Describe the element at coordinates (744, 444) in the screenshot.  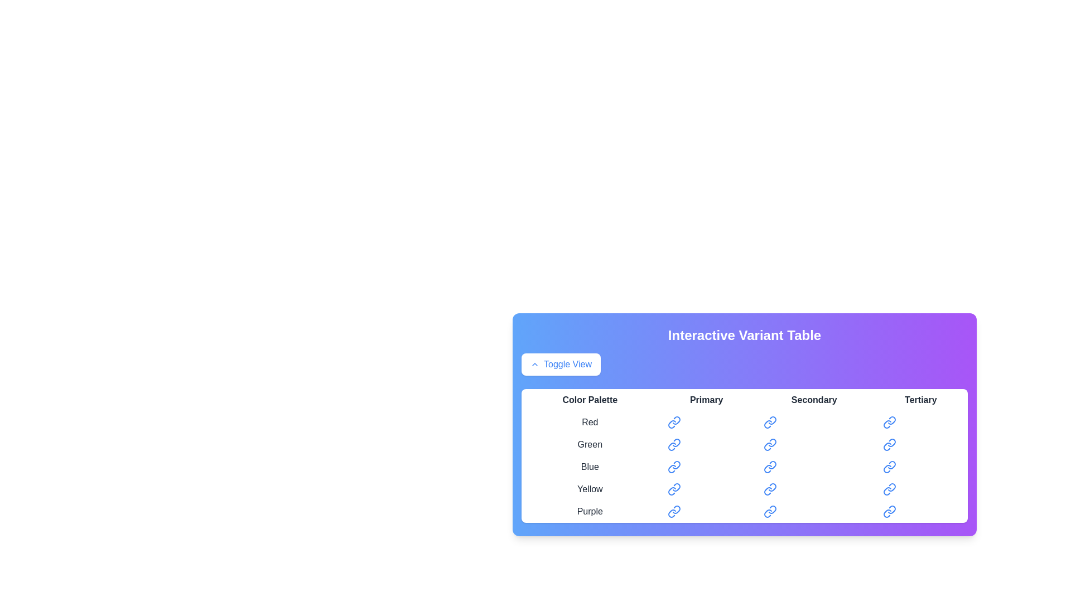
I see `the table row element labeled 'Green', which visually groups related information in the second row of the table` at that location.